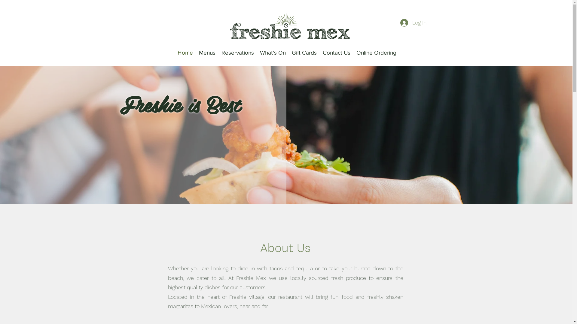  Describe the element at coordinates (272, 52) in the screenshot. I see `'What's On'` at that location.